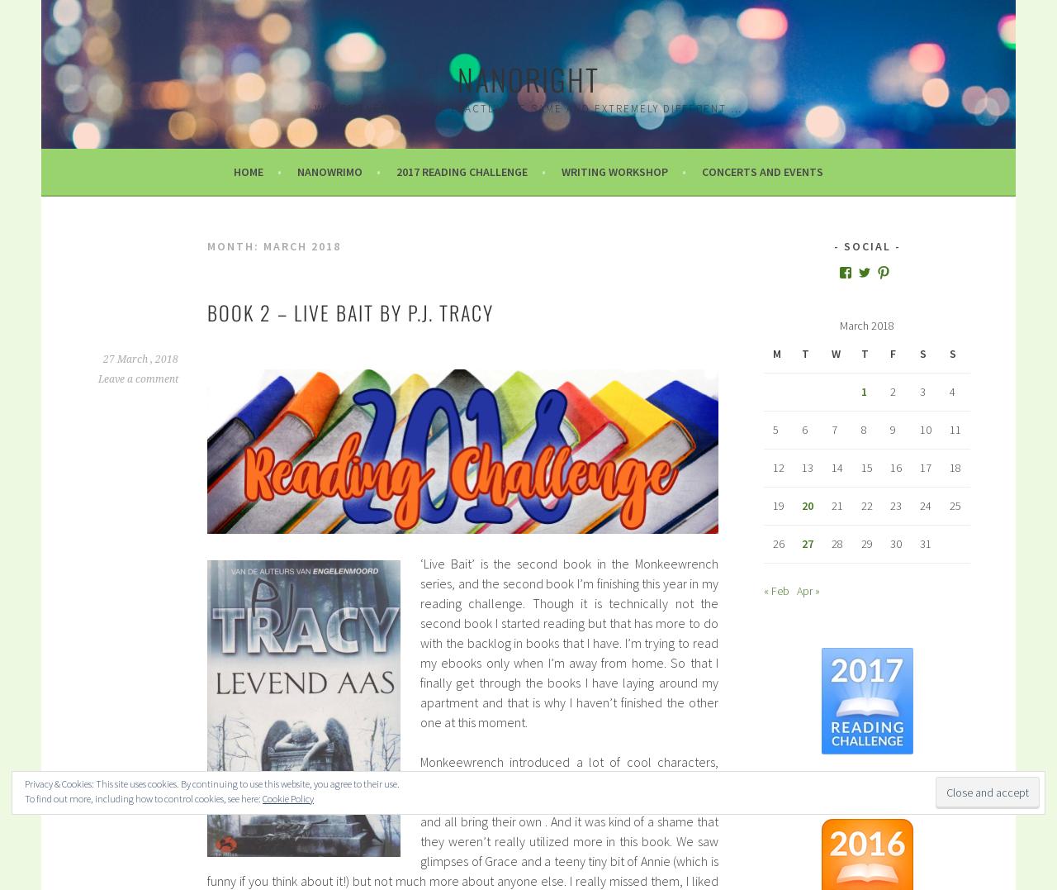  Describe the element at coordinates (954, 504) in the screenshot. I see `'25'` at that location.